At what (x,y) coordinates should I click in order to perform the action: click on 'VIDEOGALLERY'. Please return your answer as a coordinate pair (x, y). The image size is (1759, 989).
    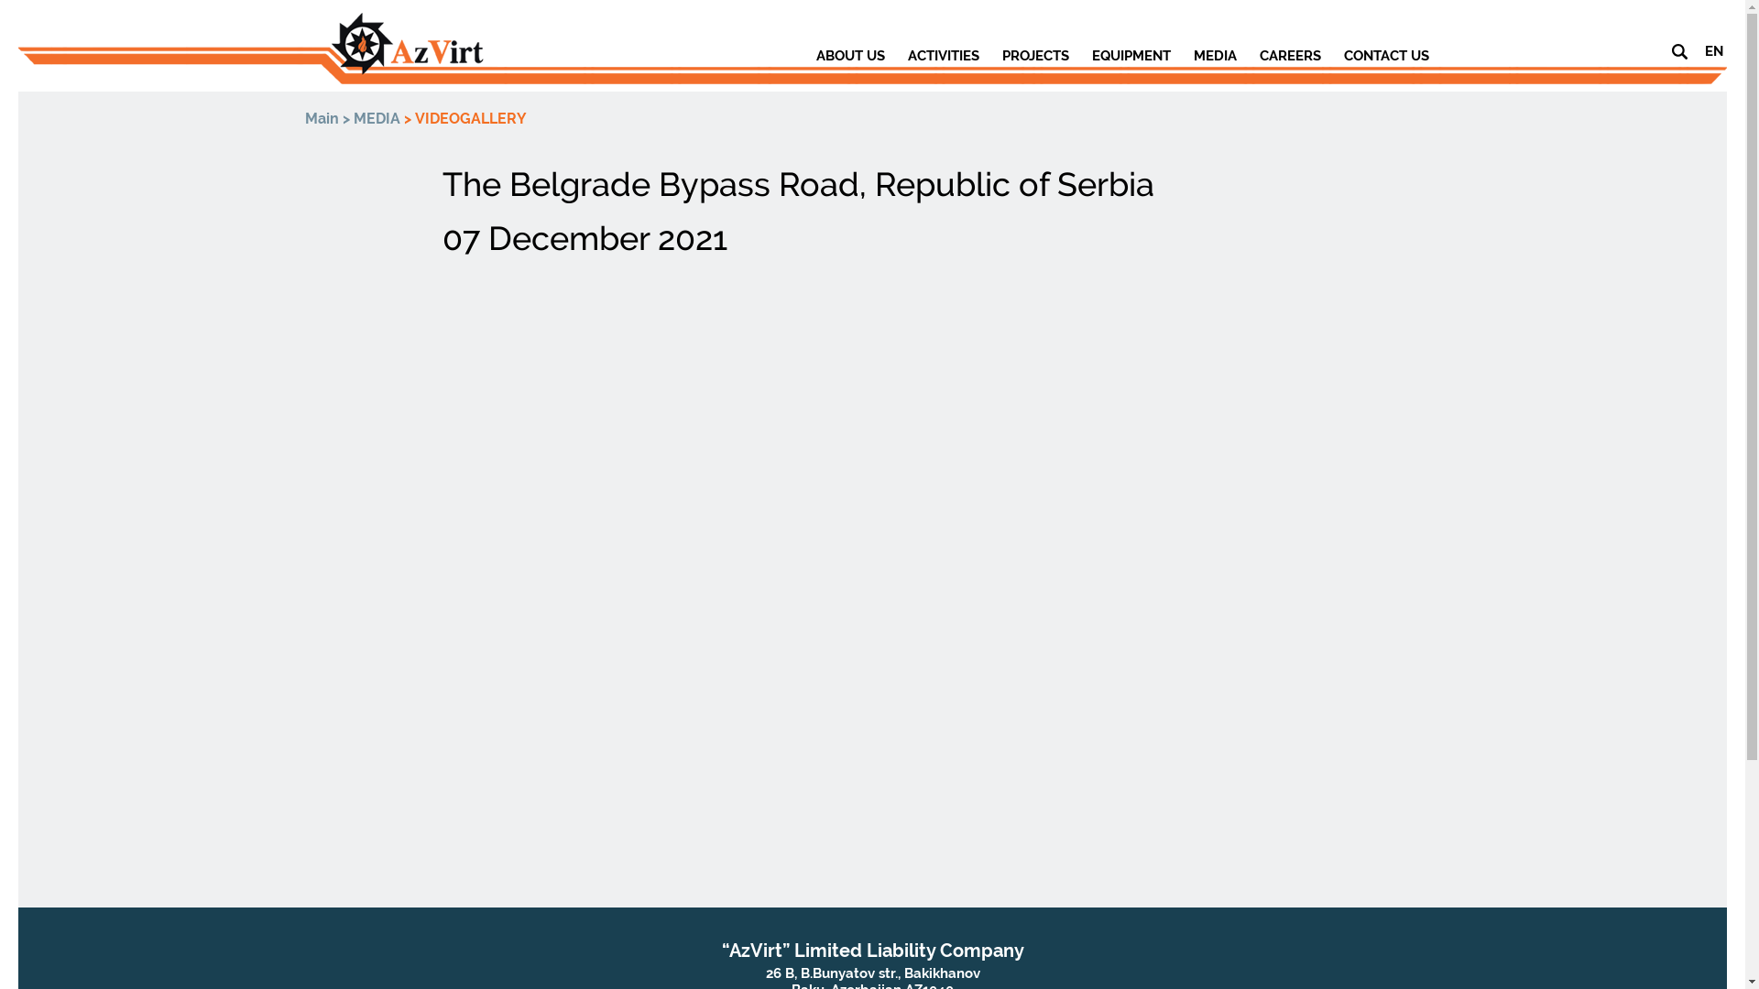
    Looking at the image, I should click on (470, 118).